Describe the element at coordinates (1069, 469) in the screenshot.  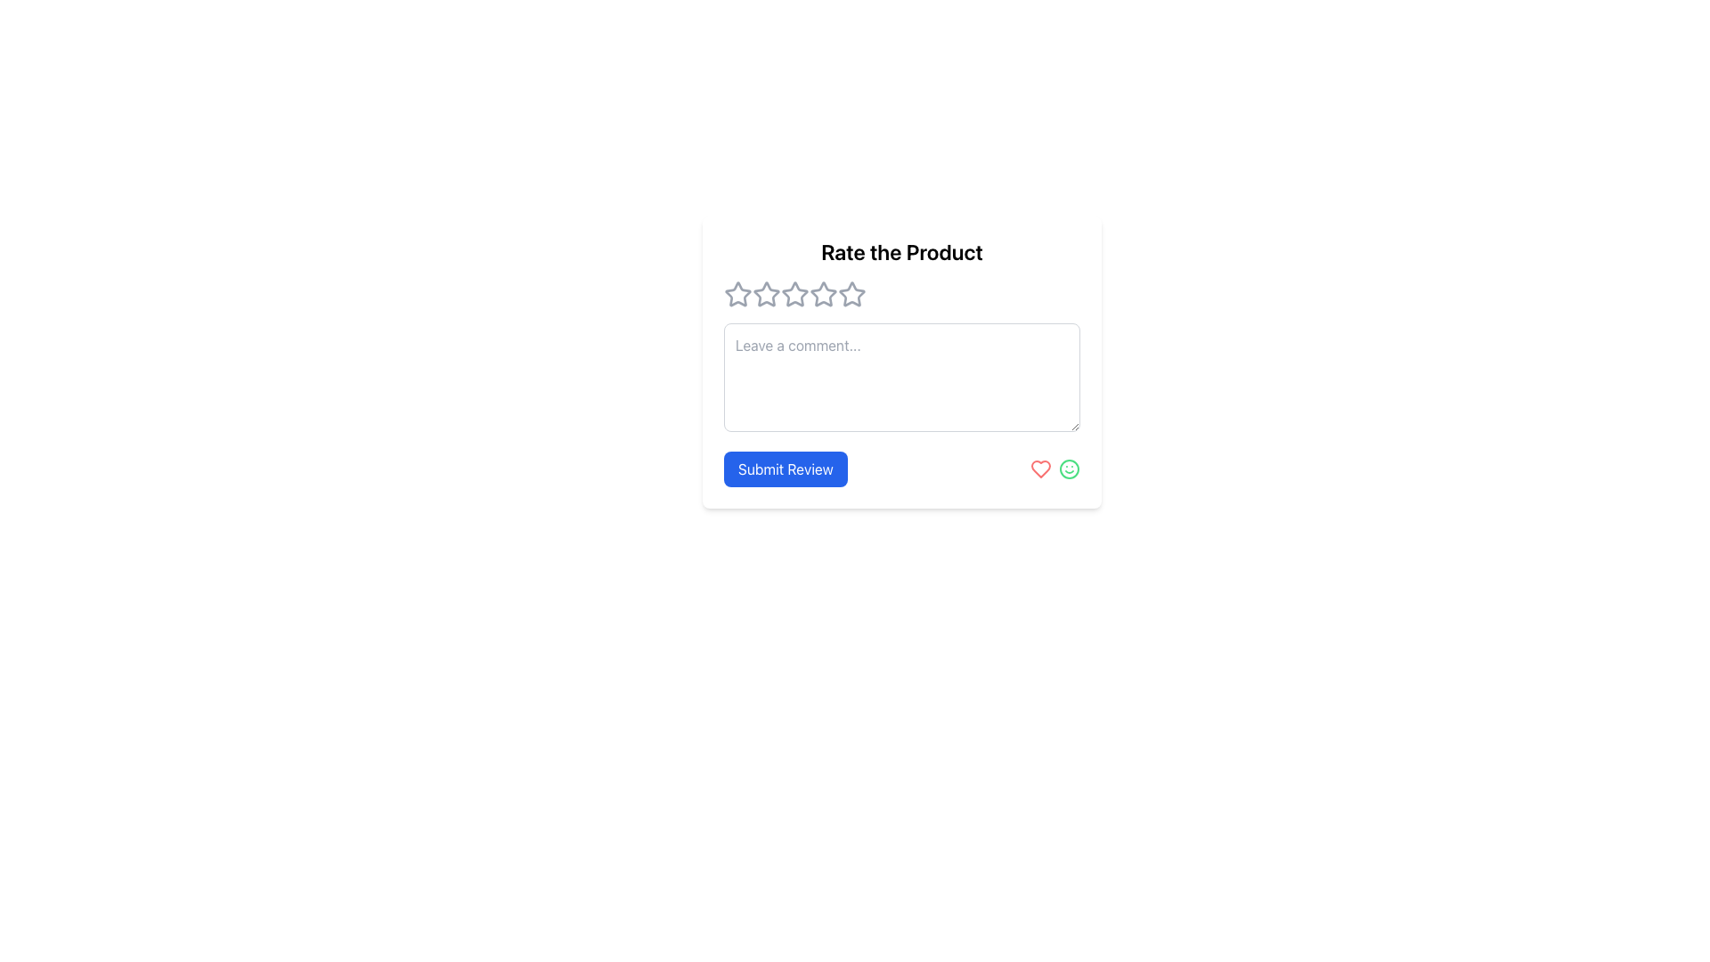
I see `the positive sentiment approval icon located at the bottom-right corner of the interactive card-like UI area, positioned to the right of the heart-shaped red icon` at that location.